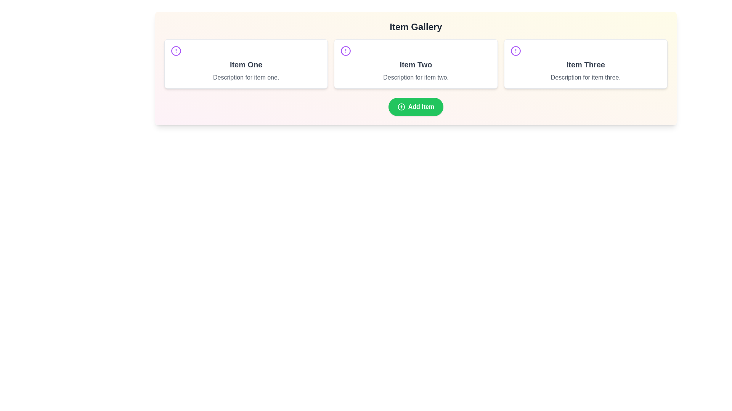 Image resolution: width=732 pixels, height=411 pixels. Describe the element at coordinates (415, 64) in the screenshot. I see `the title text label of the middle card in a set of three cards, which is positioned at the top center of the card` at that location.